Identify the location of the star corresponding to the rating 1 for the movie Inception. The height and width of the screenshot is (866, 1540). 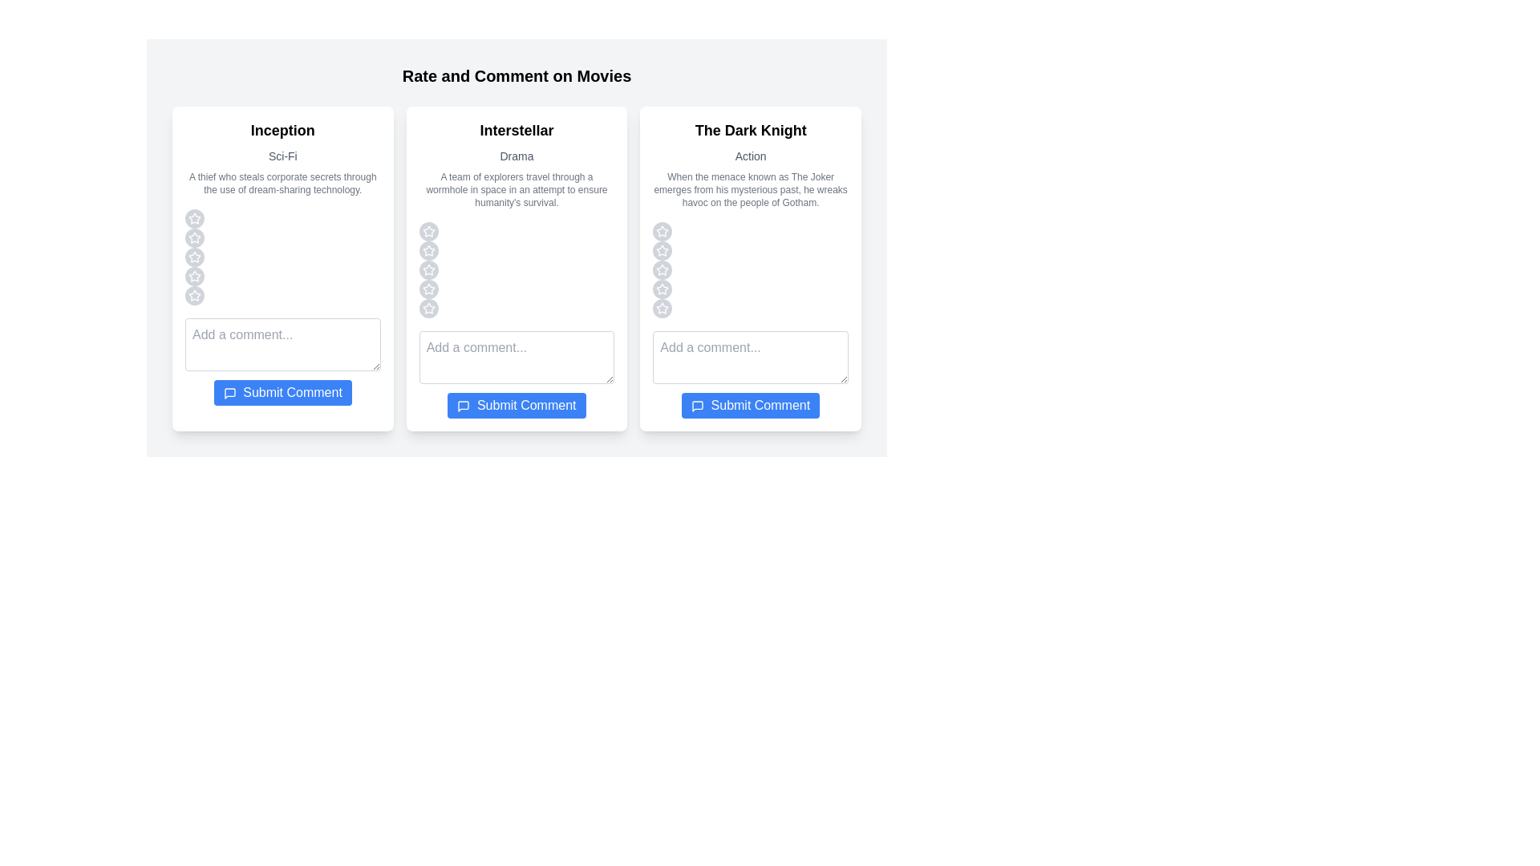
(194, 219).